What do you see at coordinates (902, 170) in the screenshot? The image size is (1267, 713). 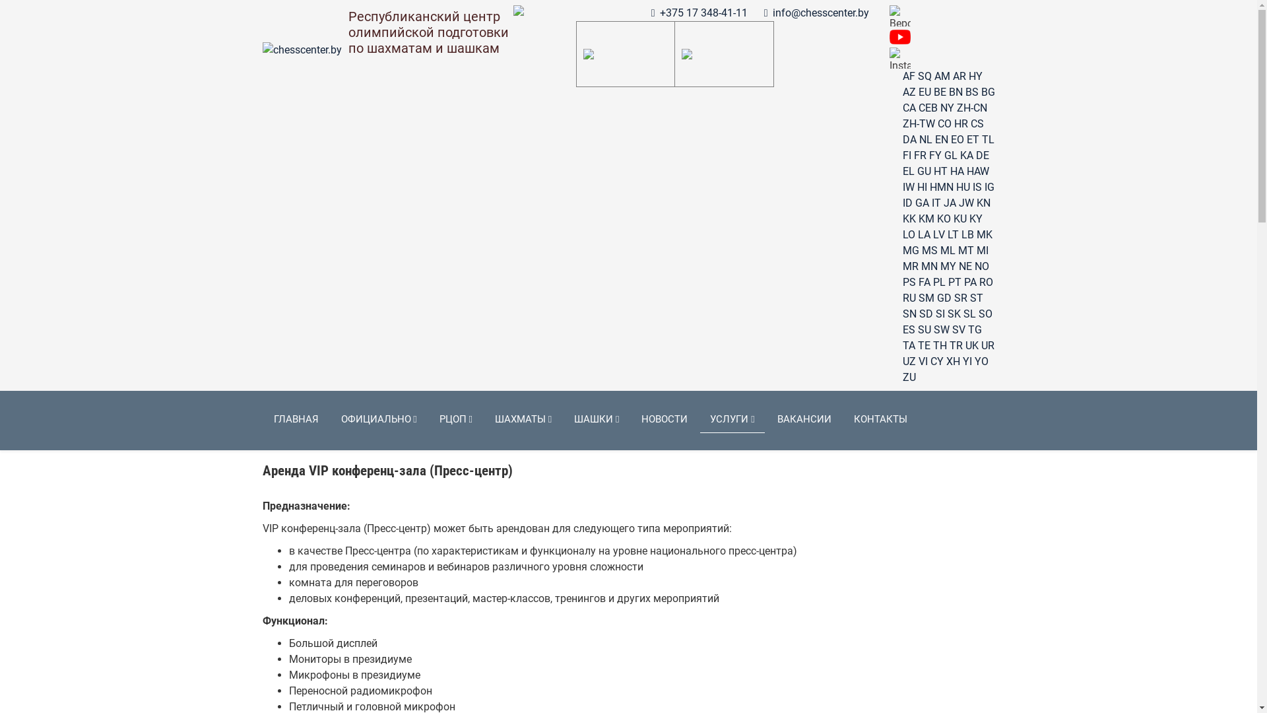 I see `'EL'` at bounding box center [902, 170].